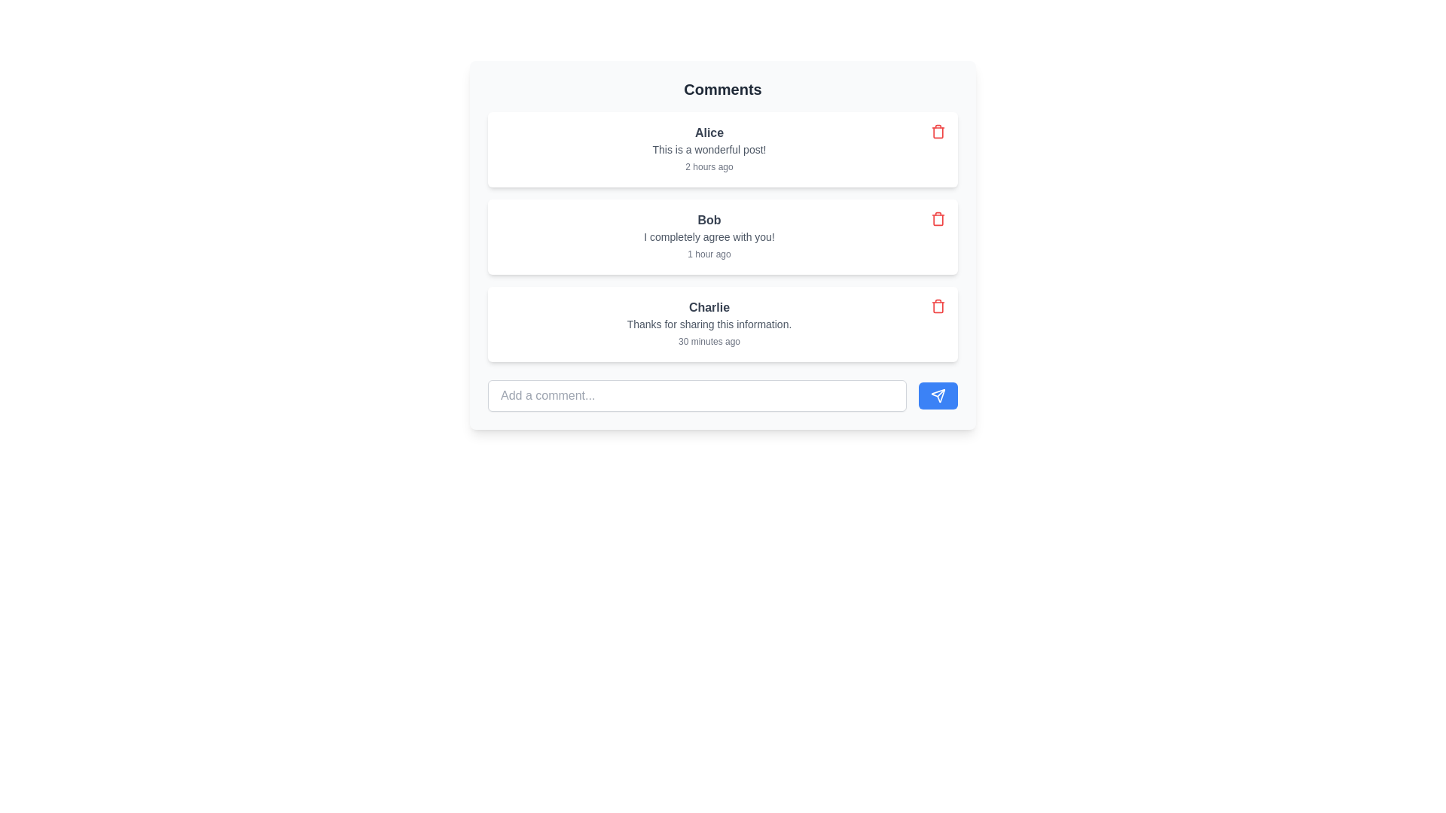 Image resolution: width=1446 pixels, height=813 pixels. Describe the element at coordinates (708, 324) in the screenshot. I see `the comment text displayed in the third comment block under the 'Comments' section, located below the username 'Charlie' and above the timestamp '30 minutes ago'` at that location.